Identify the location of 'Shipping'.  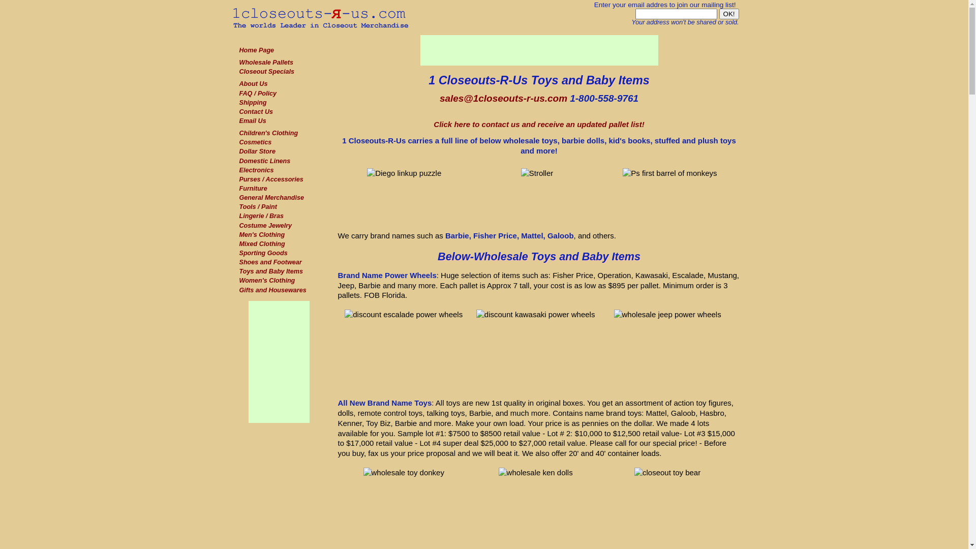
(253, 102).